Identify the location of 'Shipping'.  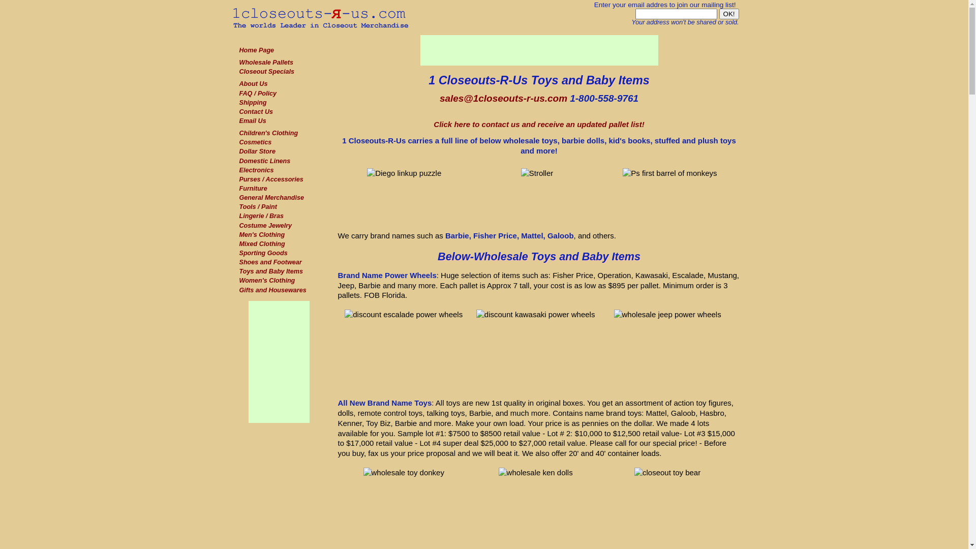
(253, 102).